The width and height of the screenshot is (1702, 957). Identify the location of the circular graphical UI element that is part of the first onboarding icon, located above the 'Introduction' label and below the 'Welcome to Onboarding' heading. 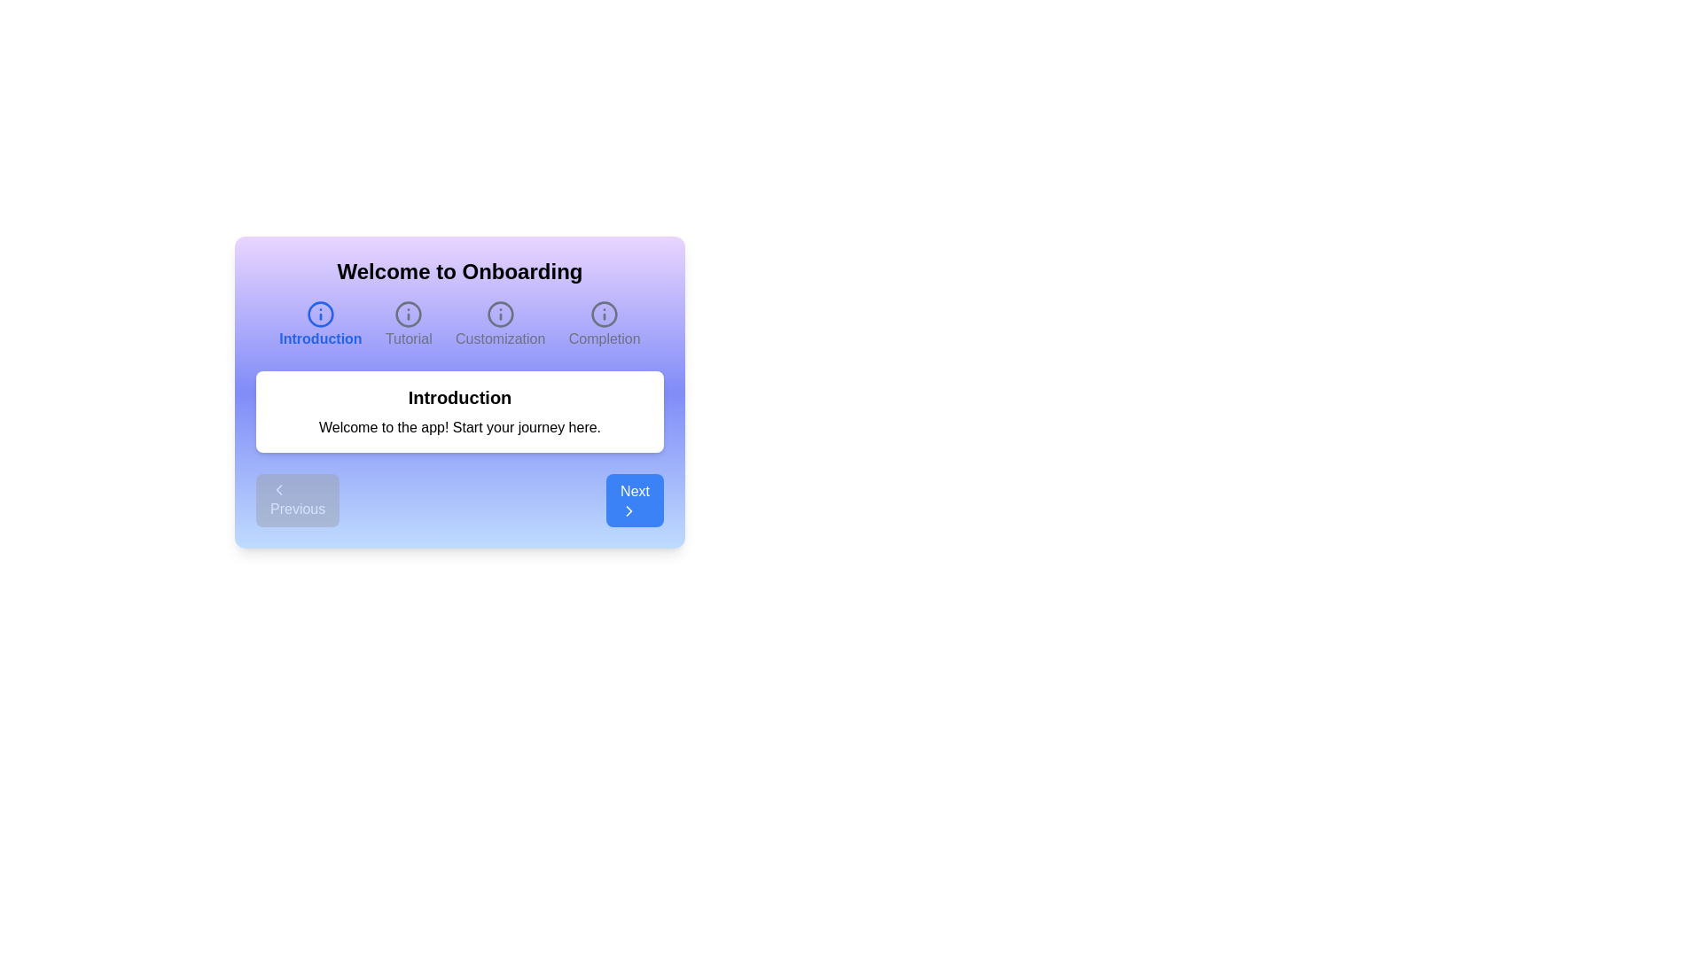
(320, 313).